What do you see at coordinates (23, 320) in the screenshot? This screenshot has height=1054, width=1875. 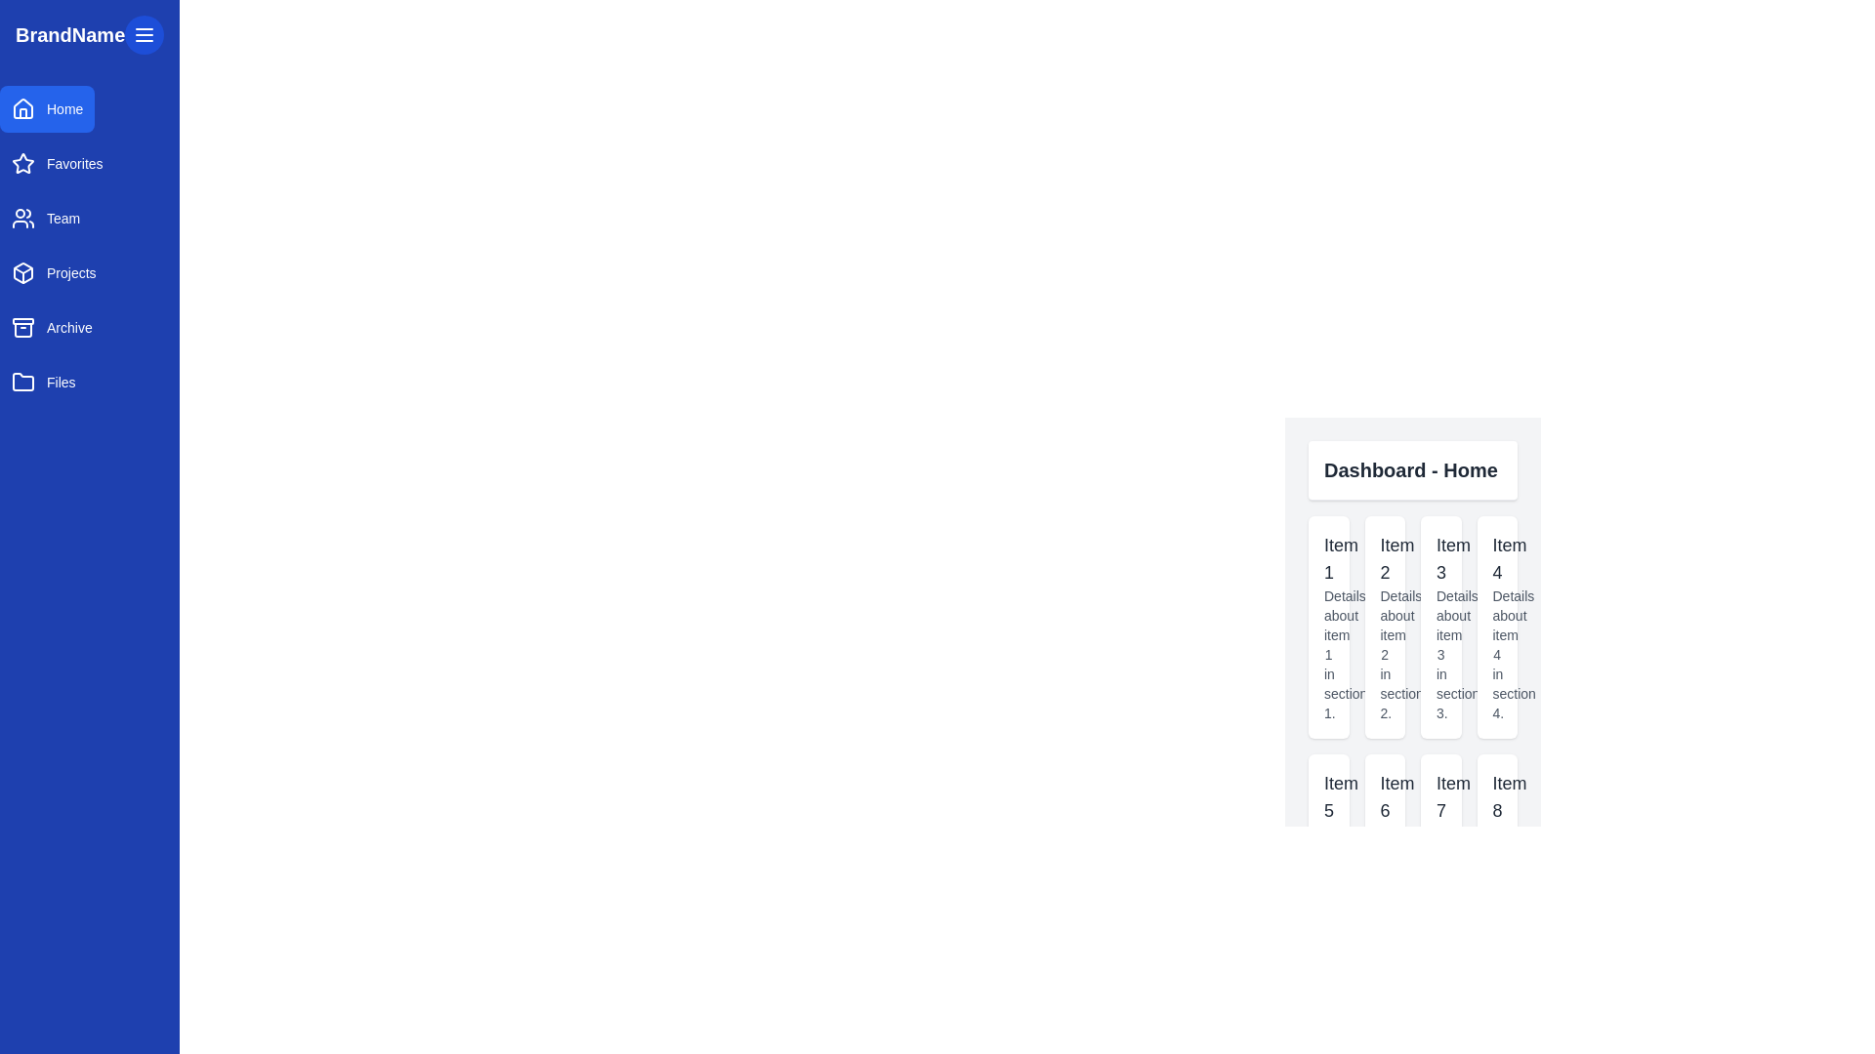 I see `the top rectangular segment of the 'Archive' menu item's icon located in the left navigation panel` at bounding box center [23, 320].